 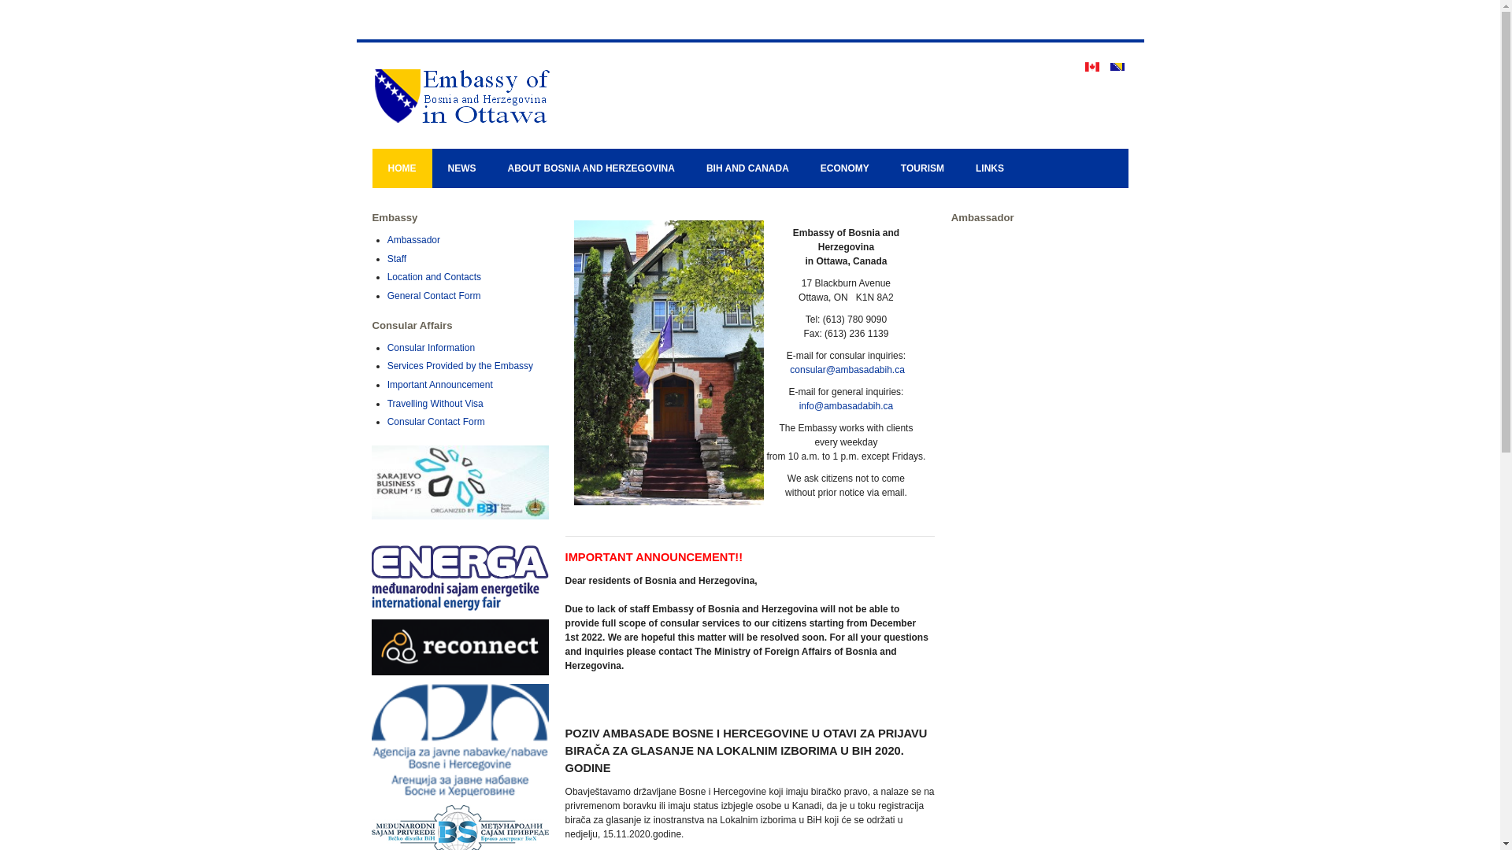 What do you see at coordinates (747, 168) in the screenshot?
I see `'BIH AND CANADA'` at bounding box center [747, 168].